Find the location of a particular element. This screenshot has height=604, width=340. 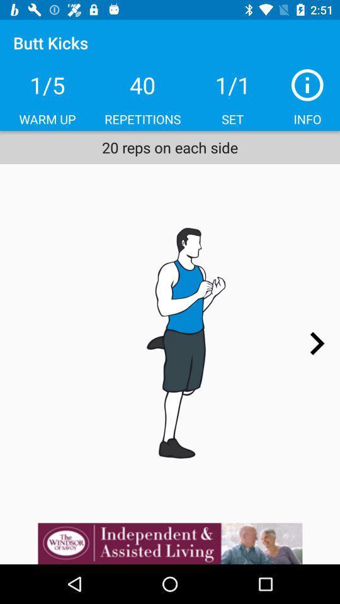

open an advertisement is located at coordinates (170, 543).